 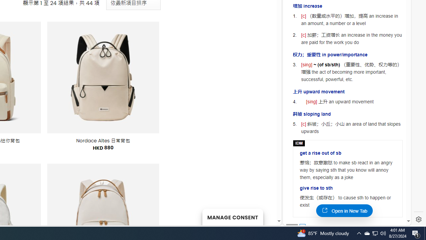 What do you see at coordinates (232, 217) in the screenshot?
I see `'MANAGE CONSENT'` at bounding box center [232, 217].